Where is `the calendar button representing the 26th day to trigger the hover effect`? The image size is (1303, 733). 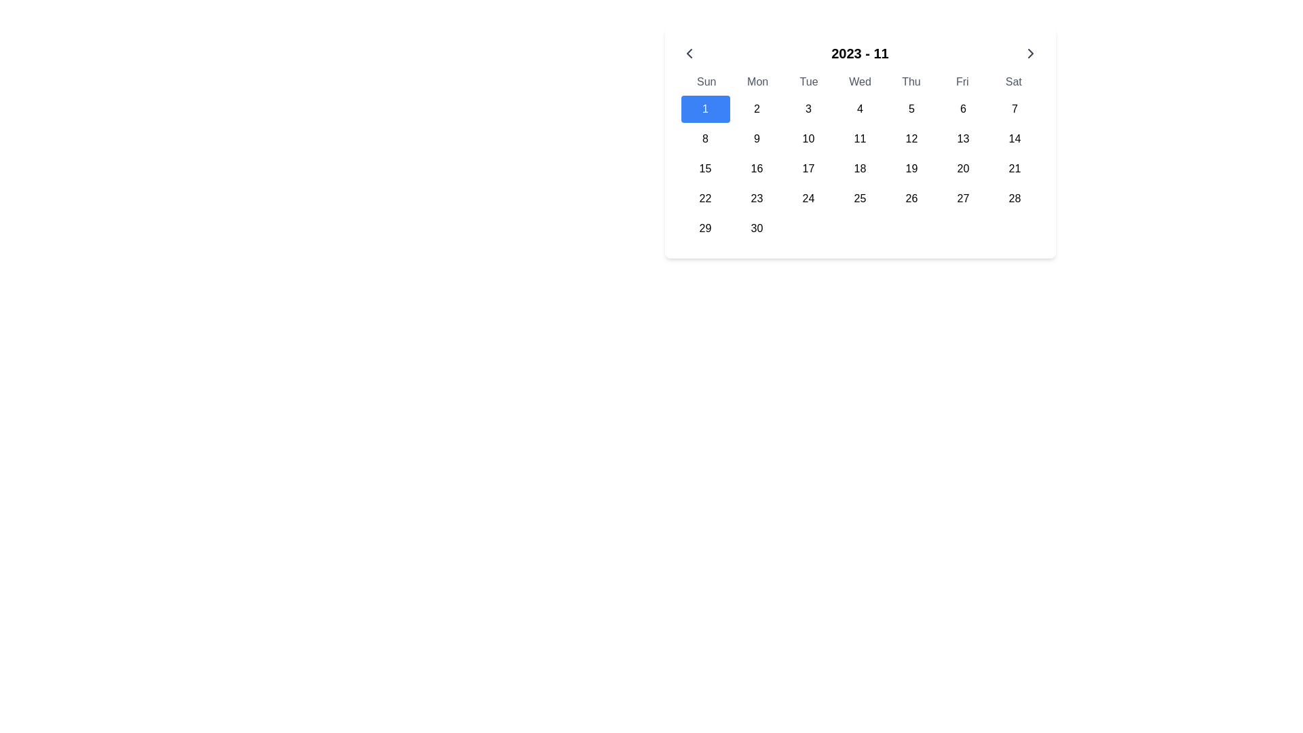
the calendar button representing the 26th day to trigger the hover effect is located at coordinates (911, 199).